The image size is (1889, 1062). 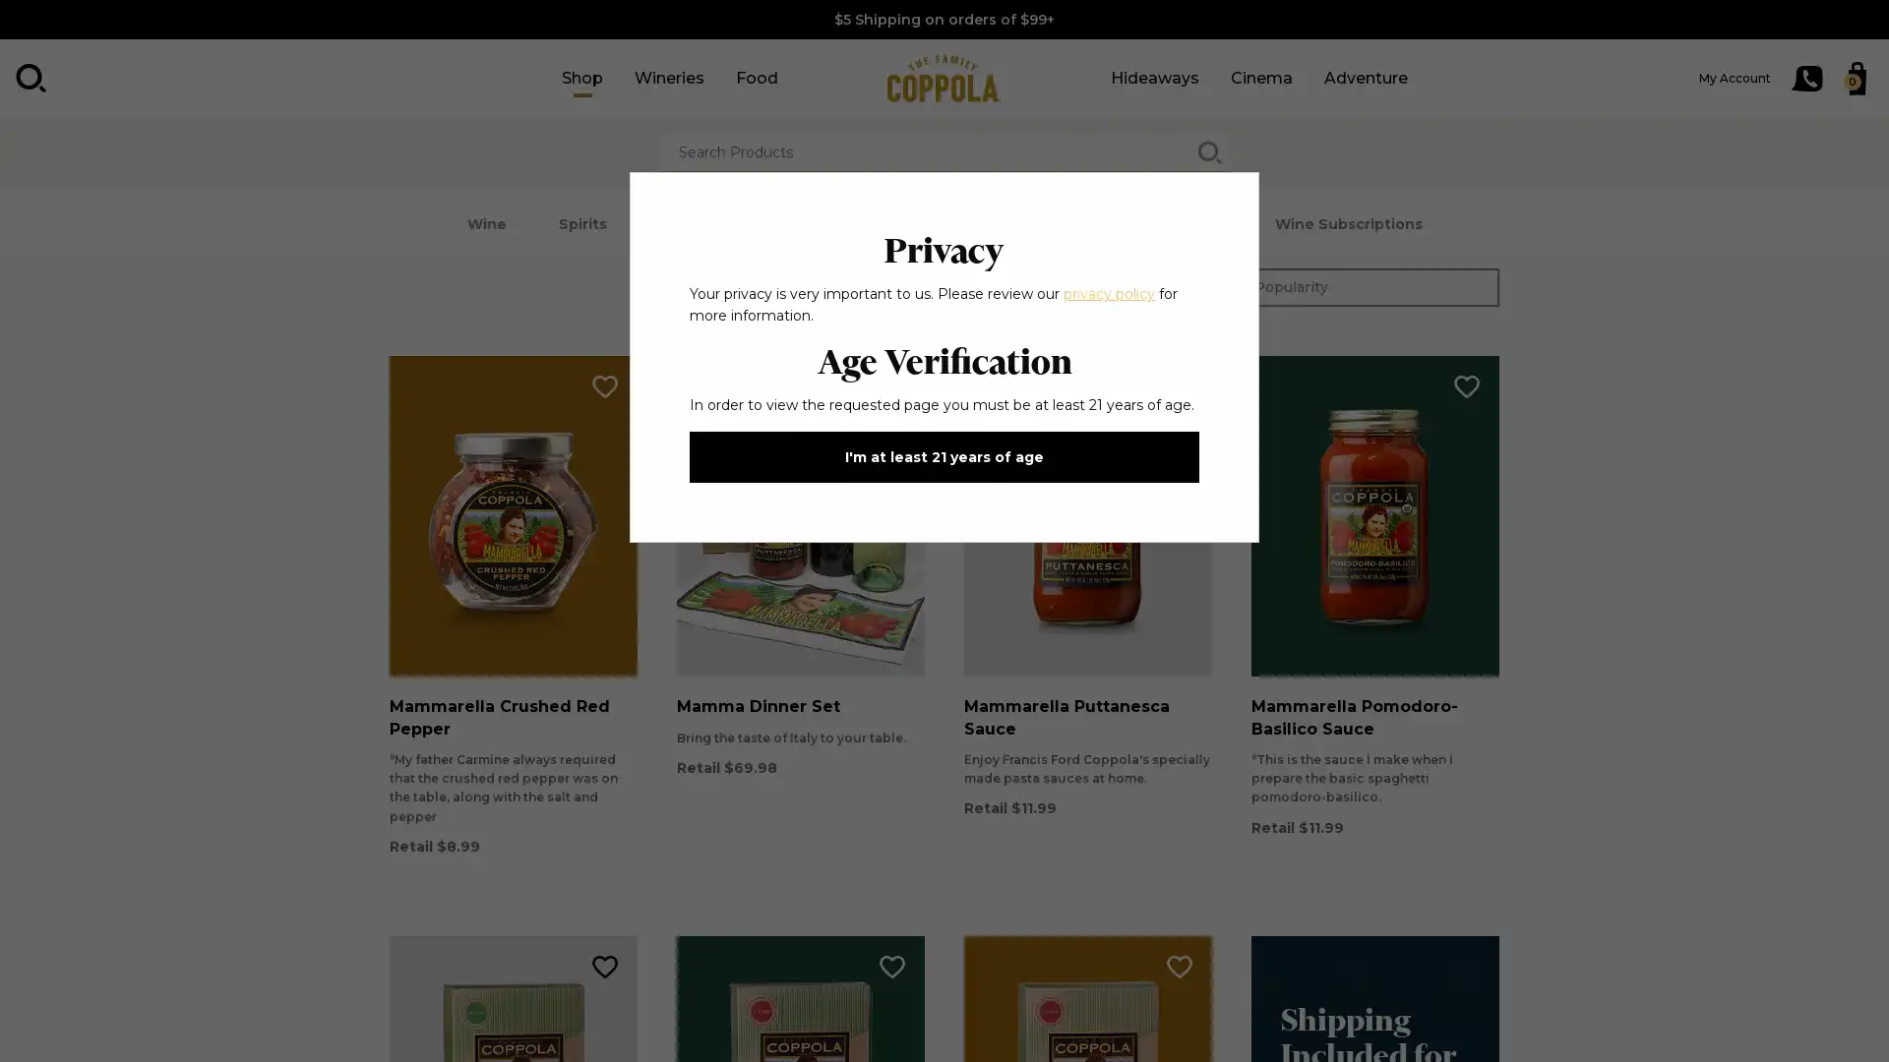 What do you see at coordinates (1856, 78) in the screenshot?
I see `0 Cart` at bounding box center [1856, 78].